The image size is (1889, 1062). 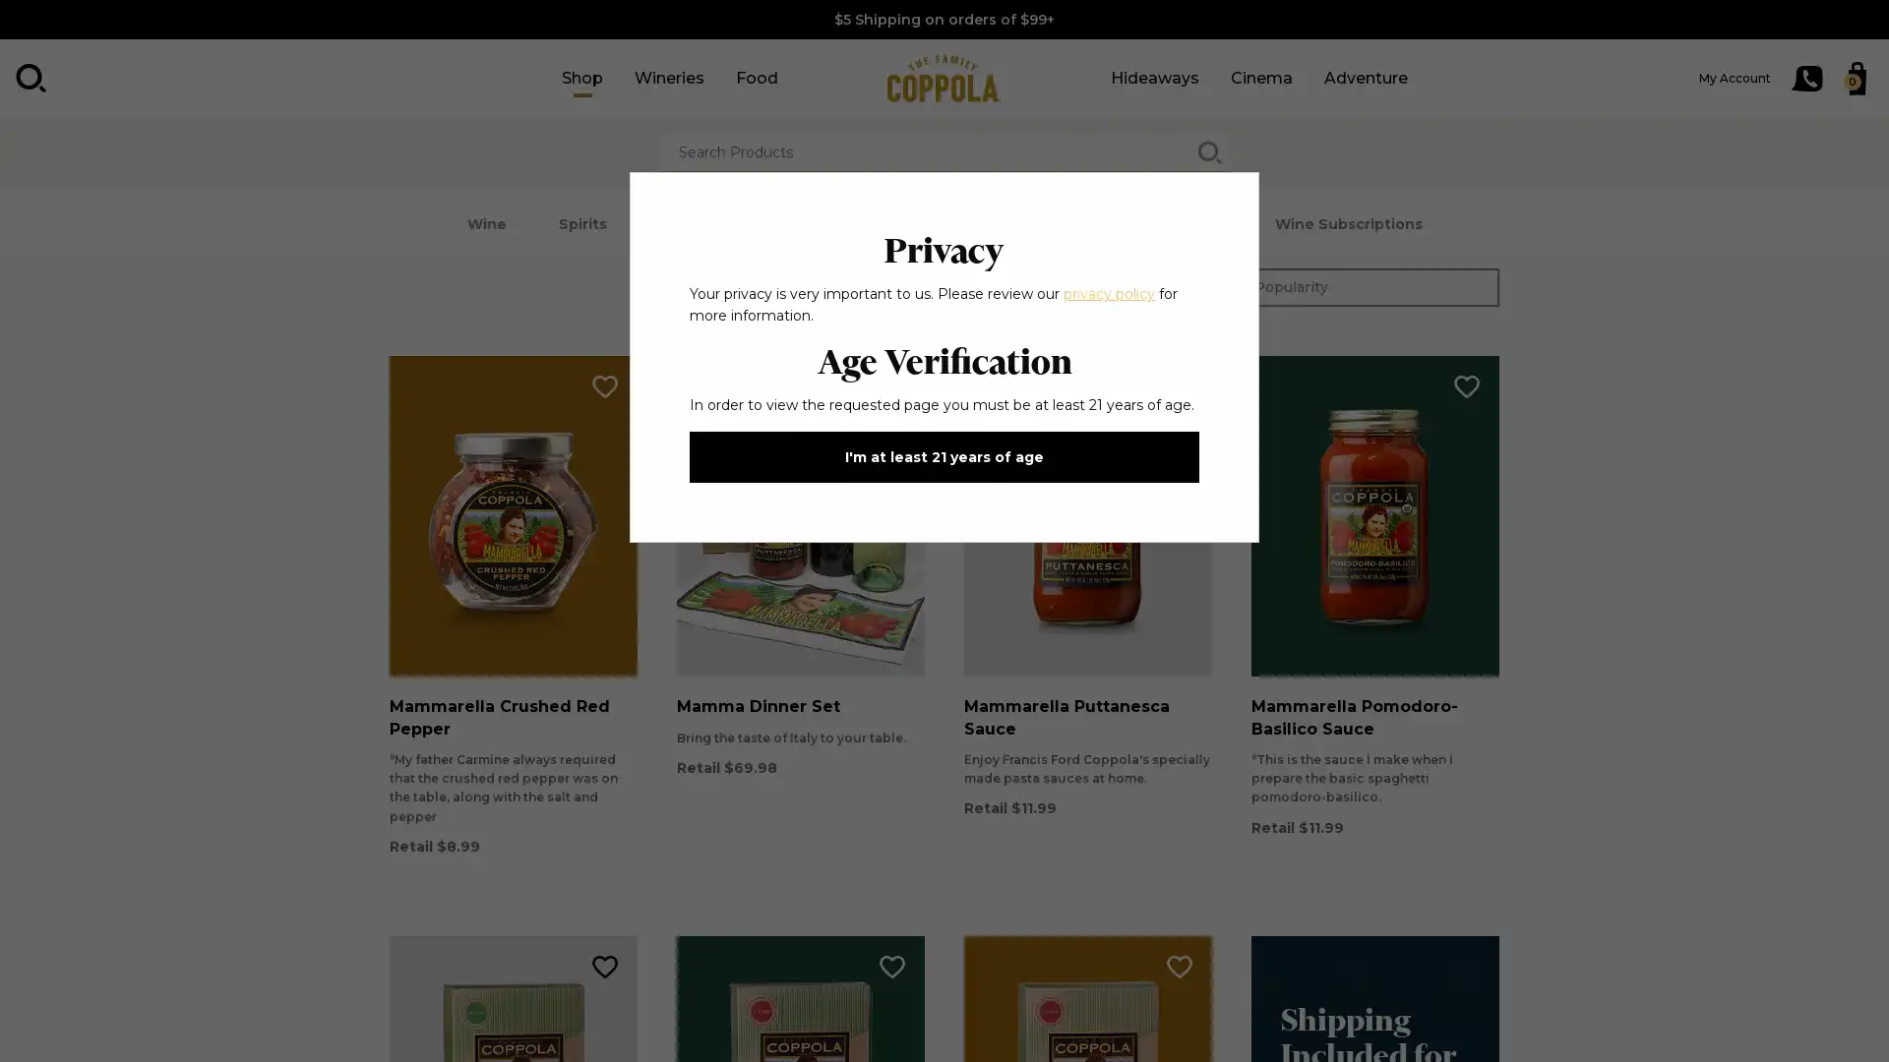 What do you see at coordinates (1856, 78) in the screenshot?
I see `0 Cart` at bounding box center [1856, 78].